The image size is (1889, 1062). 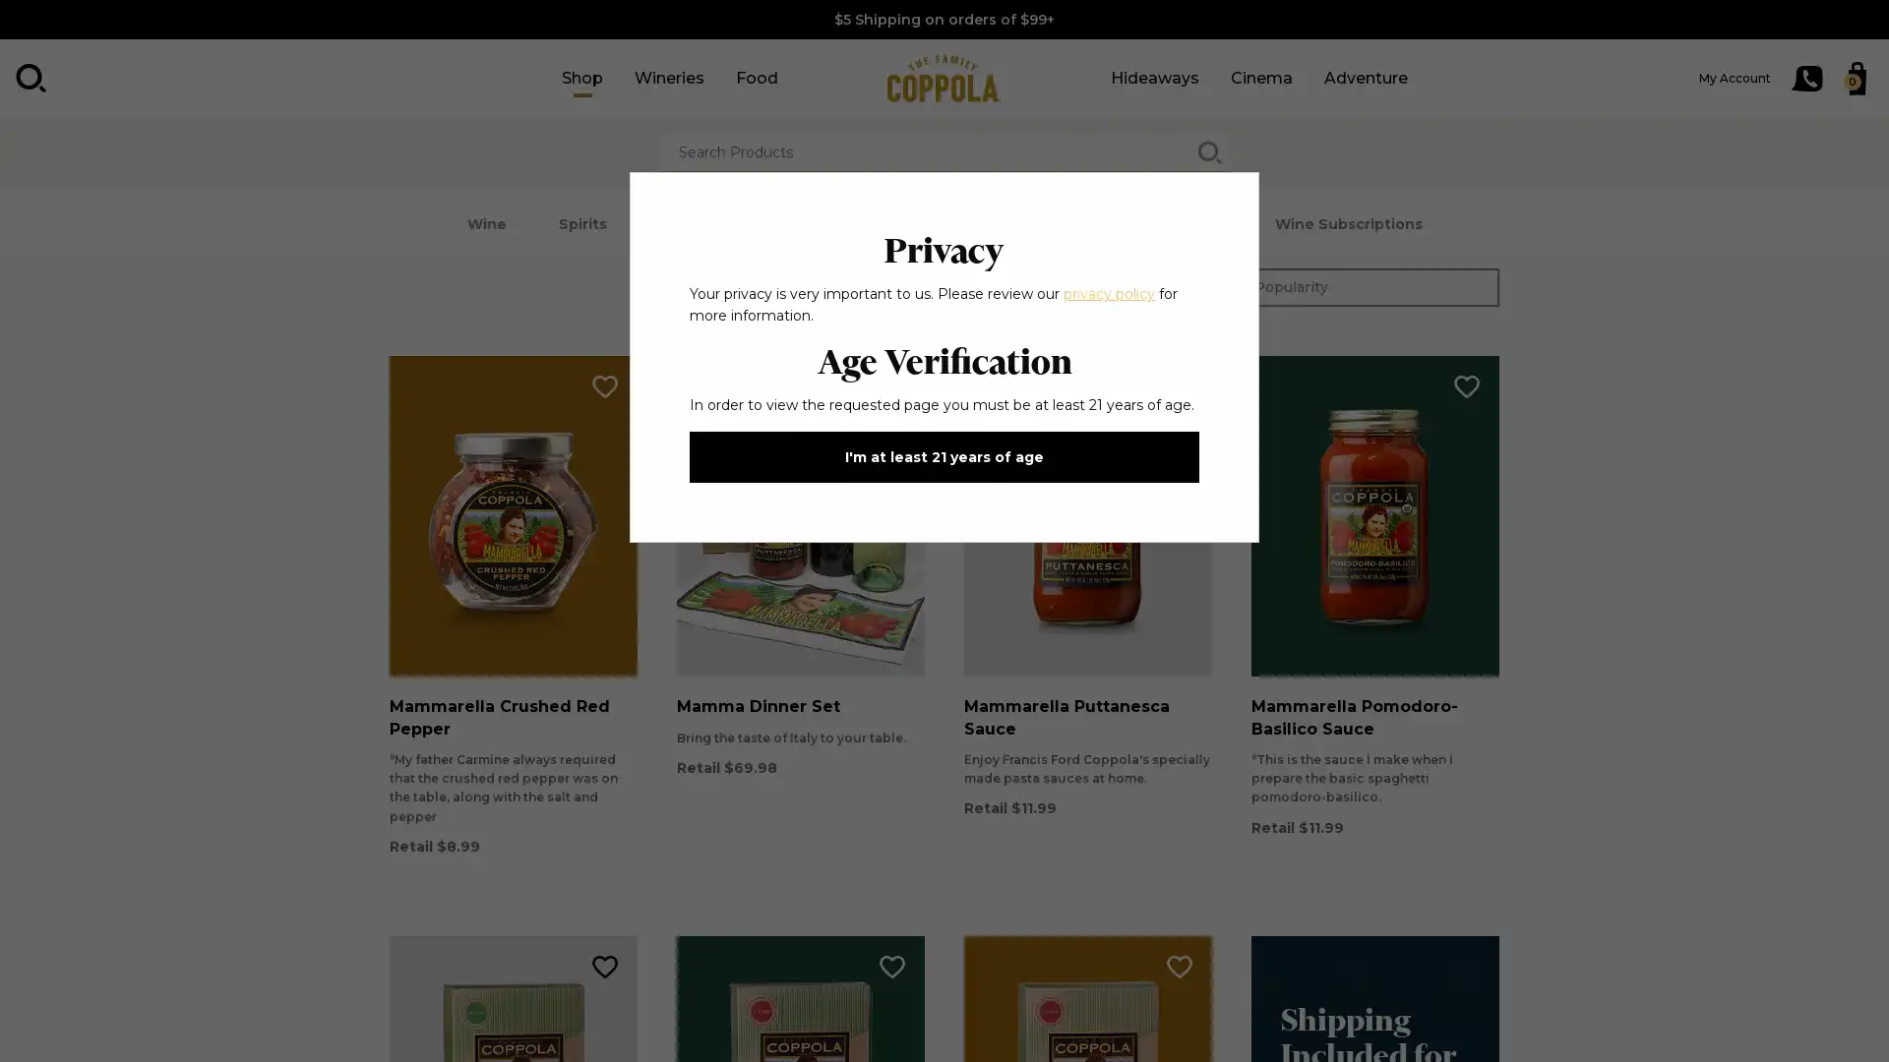 What do you see at coordinates (1856, 78) in the screenshot?
I see `0 Cart` at bounding box center [1856, 78].